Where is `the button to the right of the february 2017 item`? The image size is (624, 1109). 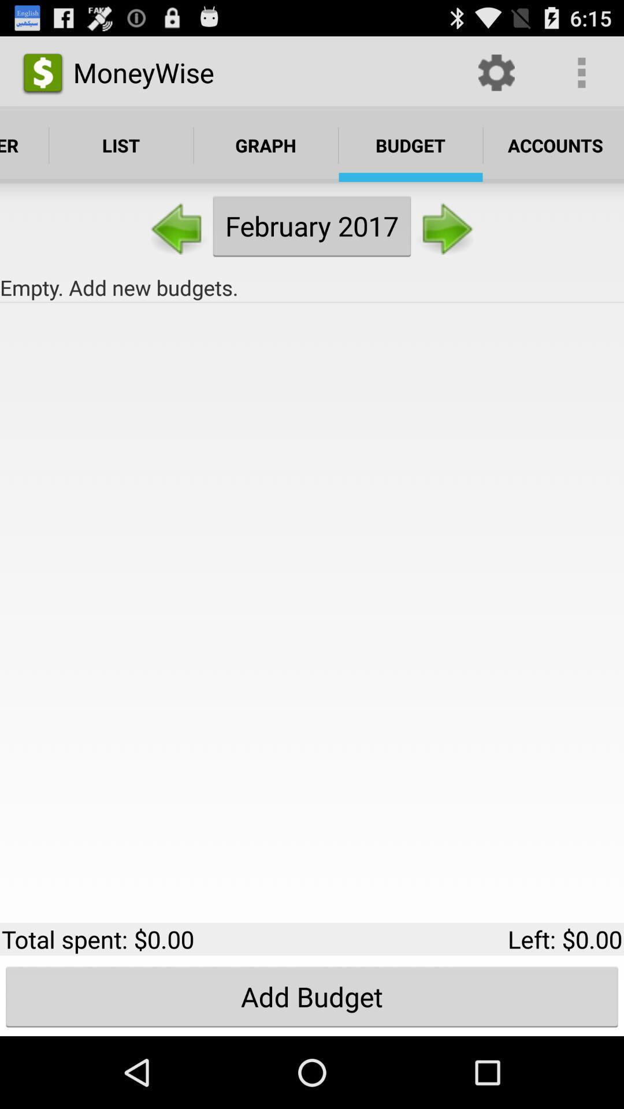 the button to the right of the february 2017 item is located at coordinates (445, 226).